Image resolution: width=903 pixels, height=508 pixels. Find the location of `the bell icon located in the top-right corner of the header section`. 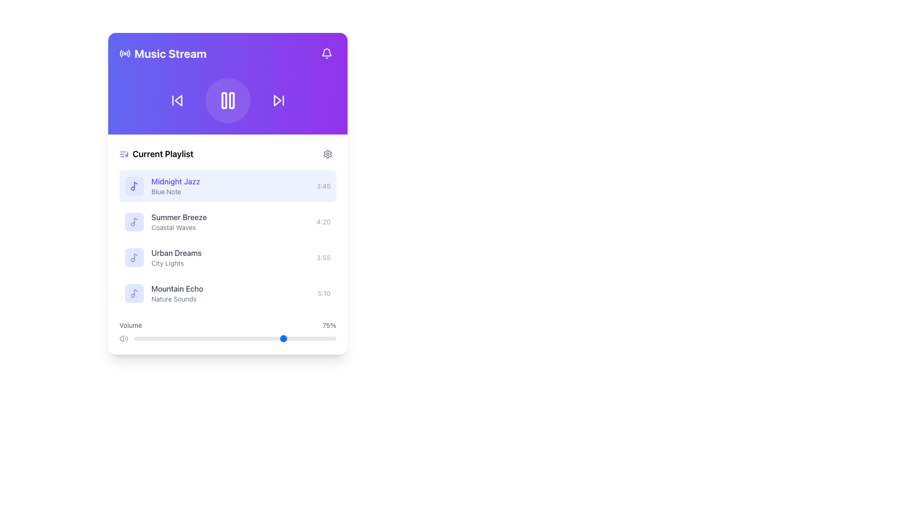

the bell icon located in the top-right corner of the header section is located at coordinates (327, 54).